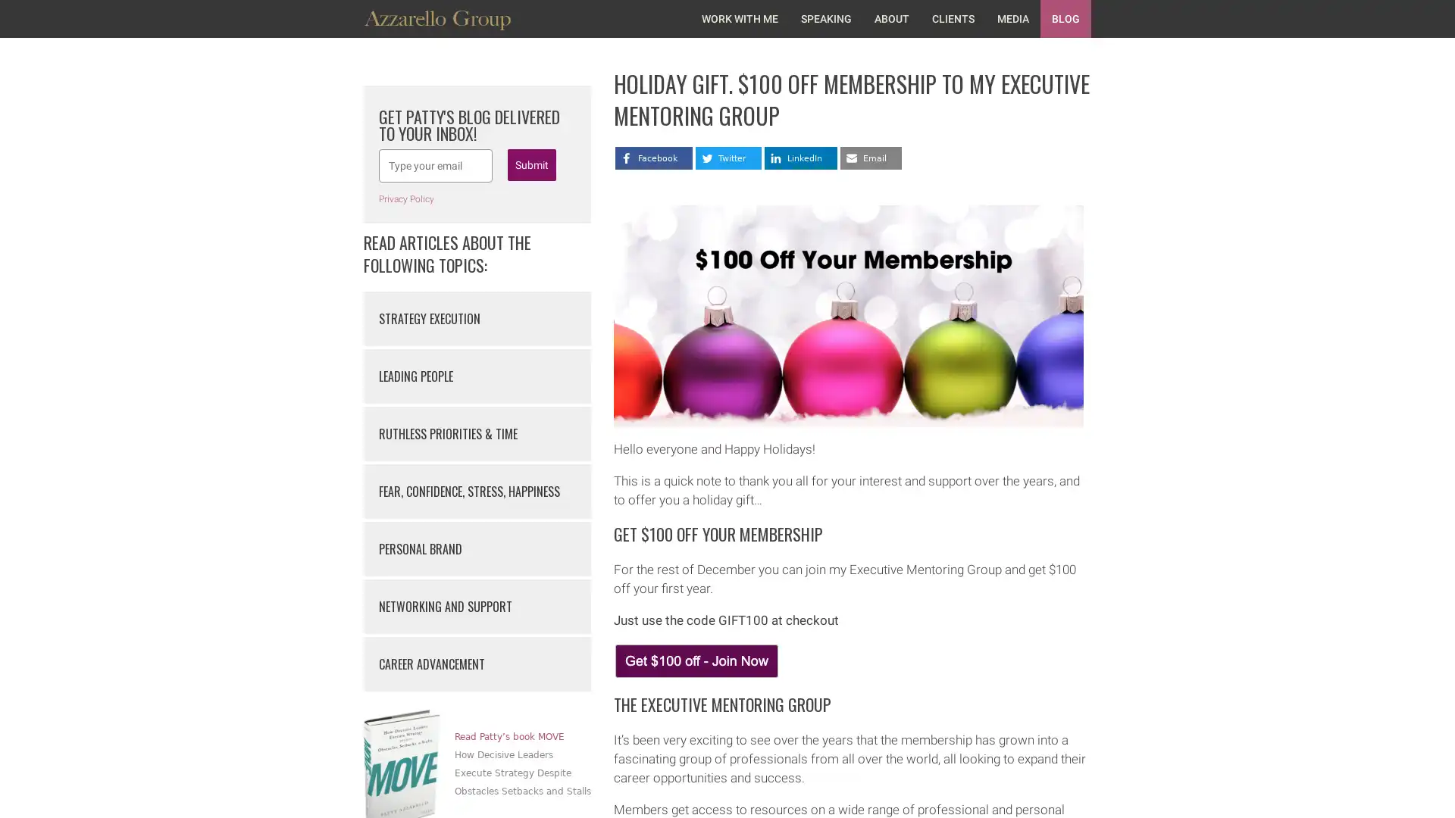  Describe the element at coordinates (728, 158) in the screenshot. I see `Share to Twitter Twitter` at that location.